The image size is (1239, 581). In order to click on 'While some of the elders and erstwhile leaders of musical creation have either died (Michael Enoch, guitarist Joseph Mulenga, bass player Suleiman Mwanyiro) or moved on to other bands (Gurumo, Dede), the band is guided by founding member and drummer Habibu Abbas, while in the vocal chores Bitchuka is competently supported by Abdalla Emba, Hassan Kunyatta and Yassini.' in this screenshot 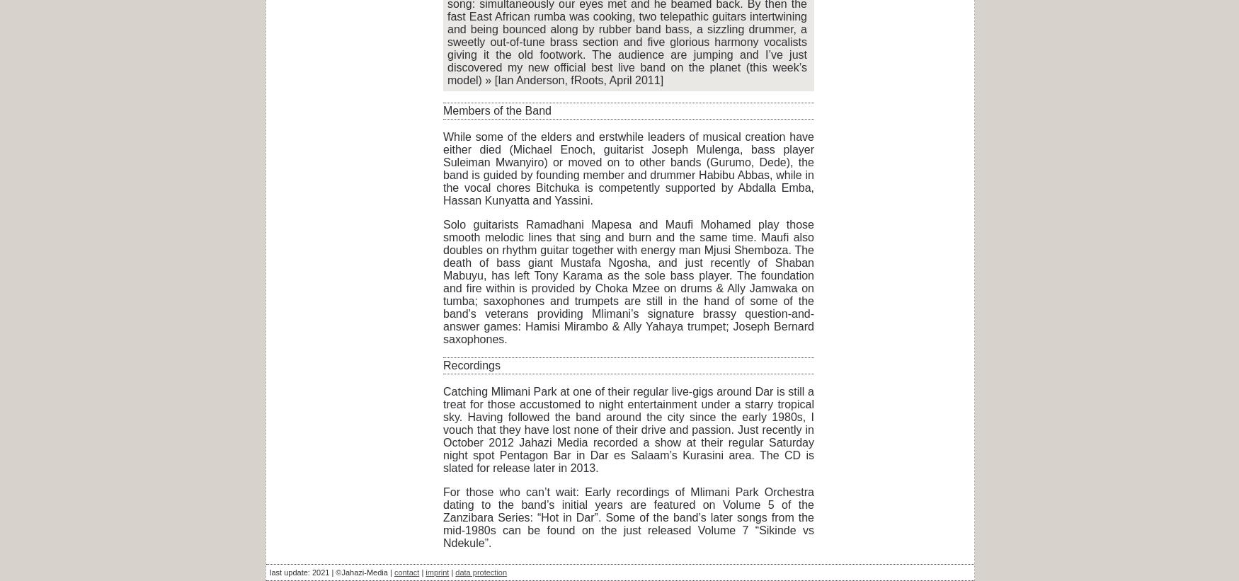, I will do `click(442, 168)`.